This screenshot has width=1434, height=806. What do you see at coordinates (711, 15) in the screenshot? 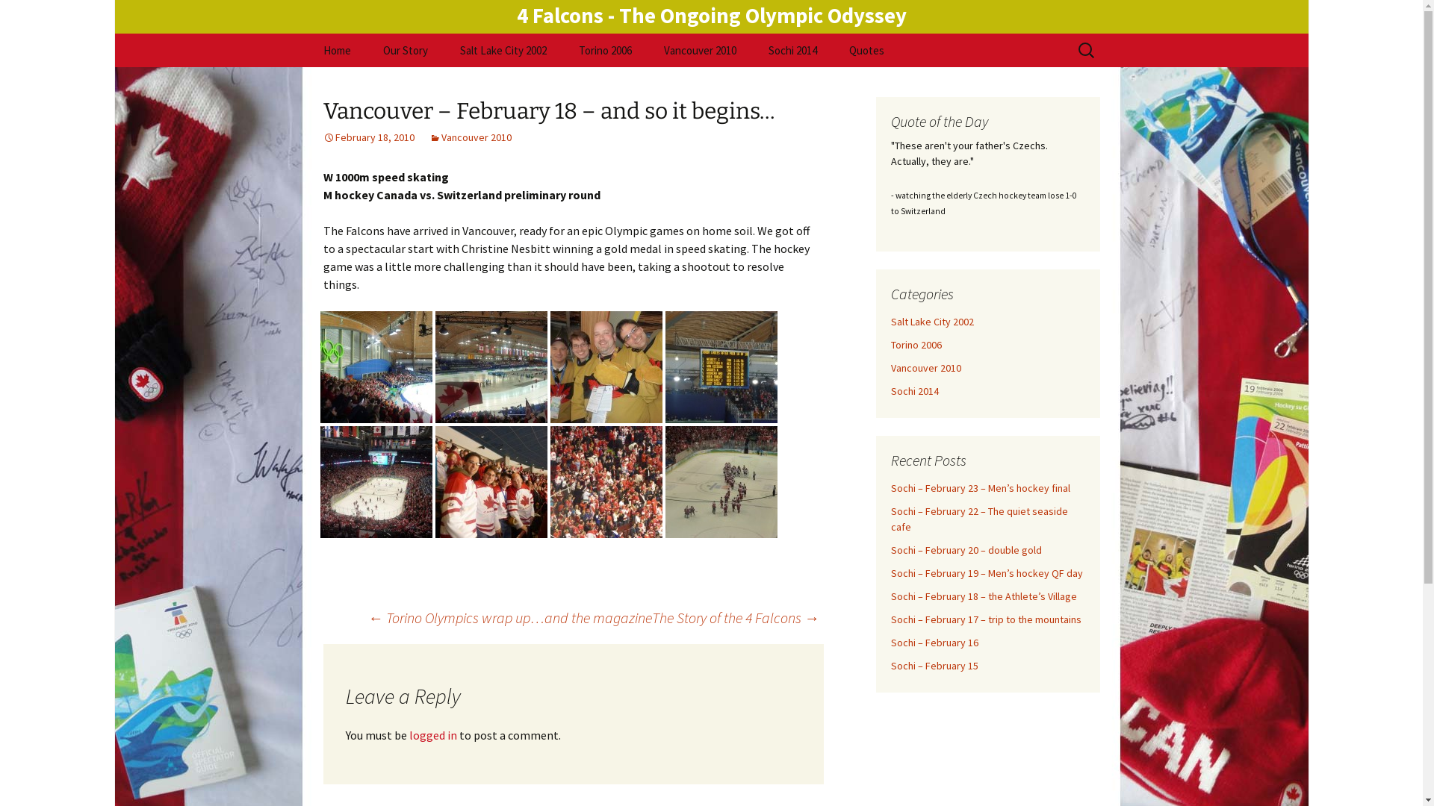
I see `'4 Falcons - The Ongoing Olympic Odyssey'` at bounding box center [711, 15].